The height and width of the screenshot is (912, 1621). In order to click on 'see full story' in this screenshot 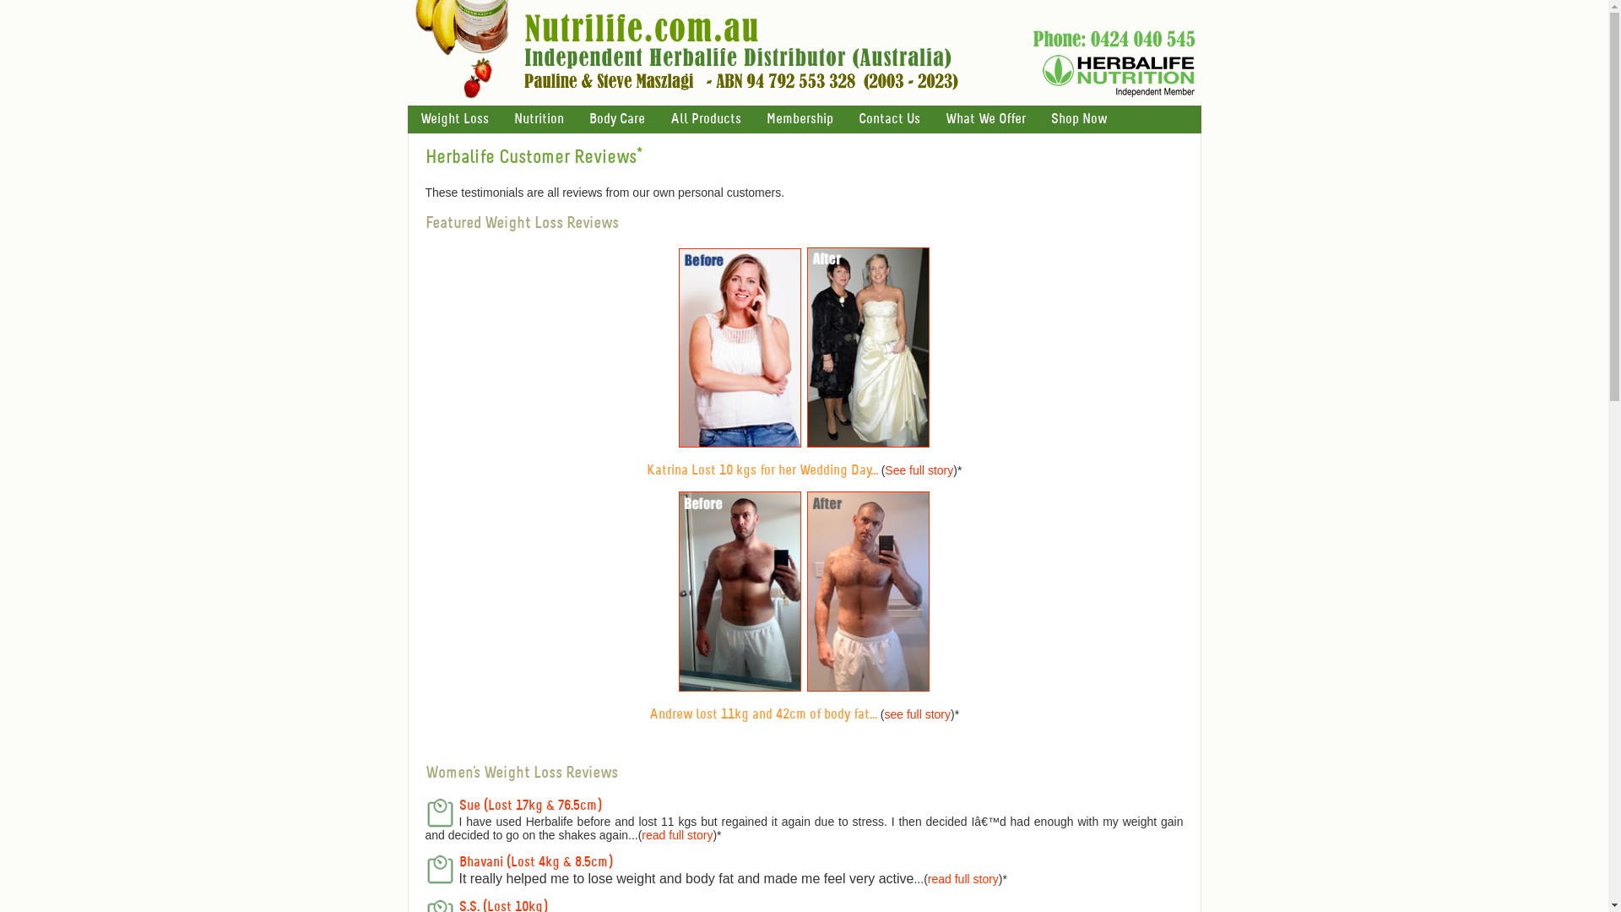, I will do `click(916, 714)`.